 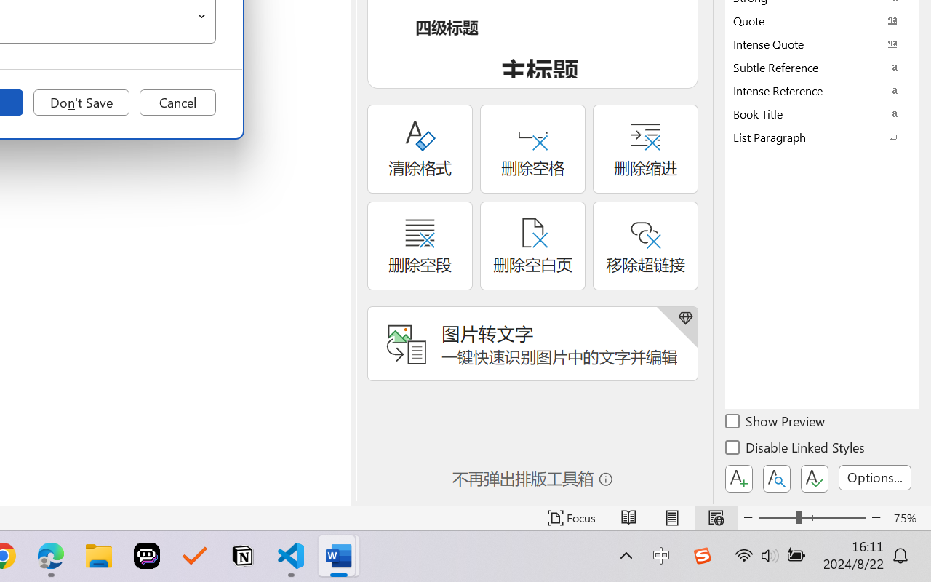 What do you see at coordinates (815, 478) in the screenshot?
I see `'Class: NetUIButton'` at bounding box center [815, 478].